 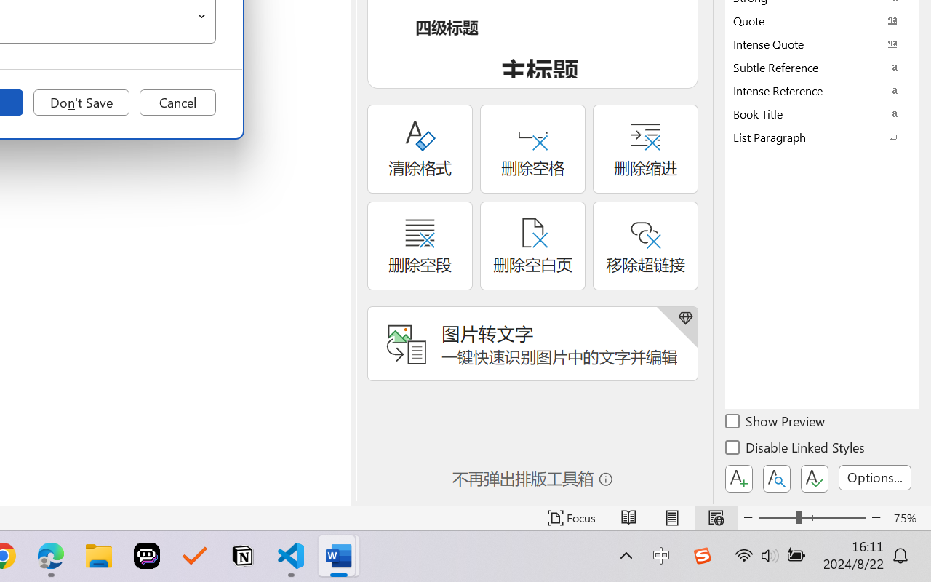 What do you see at coordinates (815, 478) in the screenshot?
I see `'Class: NetUIButton'` at bounding box center [815, 478].